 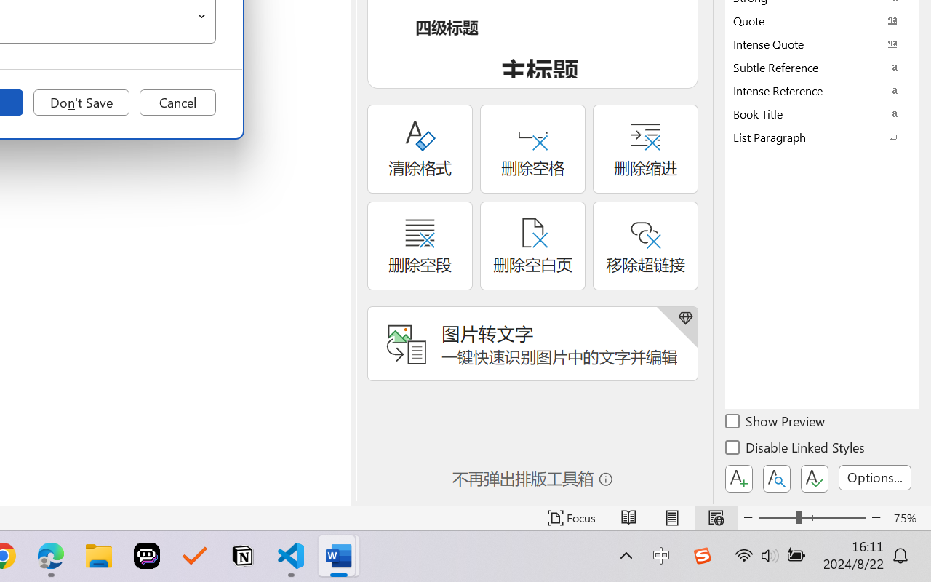 What do you see at coordinates (815, 478) in the screenshot?
I see `'Class: NetUIButton'` at bounding box center [815, 478].